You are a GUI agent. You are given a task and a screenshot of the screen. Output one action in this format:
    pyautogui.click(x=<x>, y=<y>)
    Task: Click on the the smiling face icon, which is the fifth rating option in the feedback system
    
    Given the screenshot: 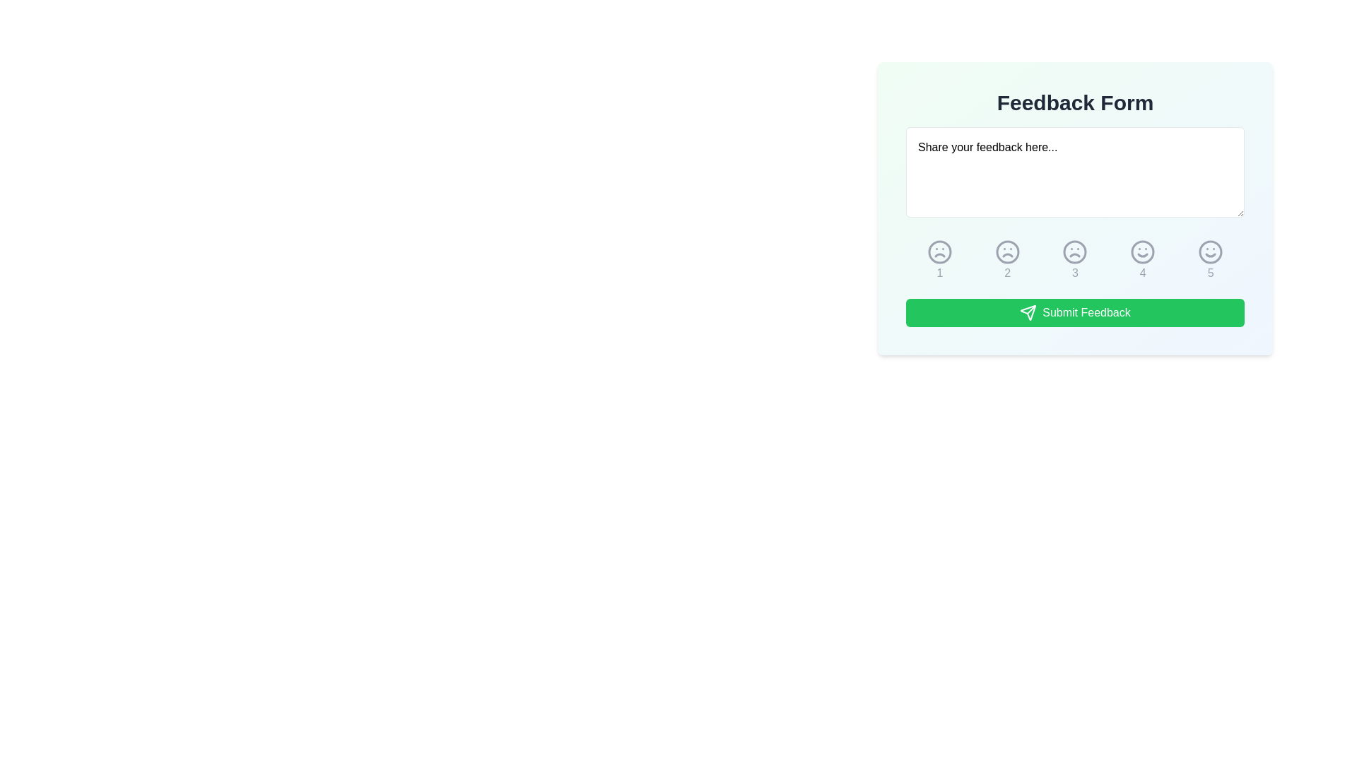 What is the action you would take?
    pyautogui.click(x=1210, y=252)
    